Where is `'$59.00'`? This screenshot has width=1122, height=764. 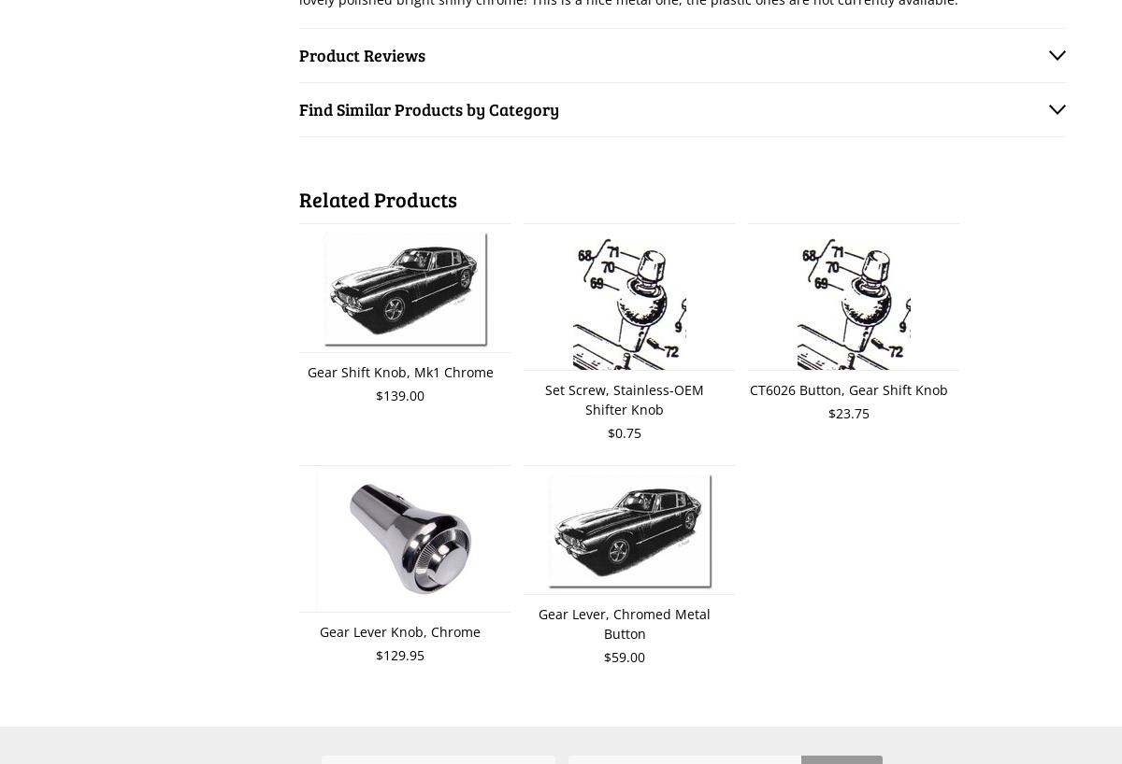
'$59.00' is located at coordinates (625, 656).